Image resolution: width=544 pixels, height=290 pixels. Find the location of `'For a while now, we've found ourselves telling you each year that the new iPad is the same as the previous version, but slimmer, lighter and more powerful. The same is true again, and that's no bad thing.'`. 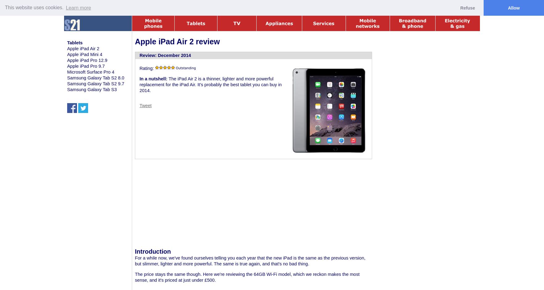

'For a while now, we've found ourselves telling you each year that the new iPad is the same as the previous version, but slimmer, lighter and more powerful. The same is true again, and that's no bad thing.' is located at coordinates (250, 260).